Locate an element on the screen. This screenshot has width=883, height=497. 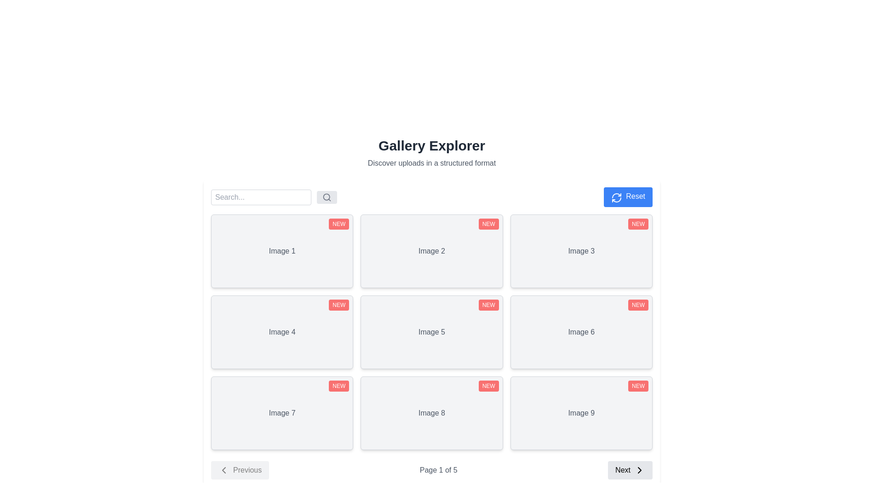
the chevron icon located at the bottom-right corner of the 'Next' button is located at coordinates (639, 470).